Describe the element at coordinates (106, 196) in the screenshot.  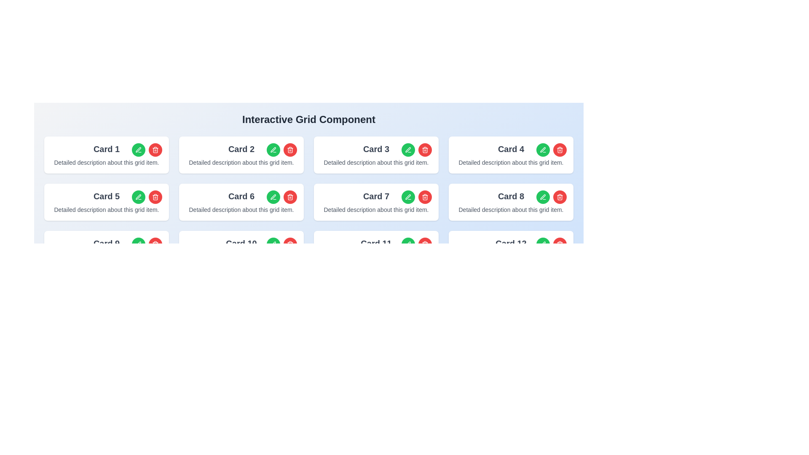
I see `the static text label that serves as the title of the card, located at the top-left corner of the card in the second row and first column of the grid` at that location.